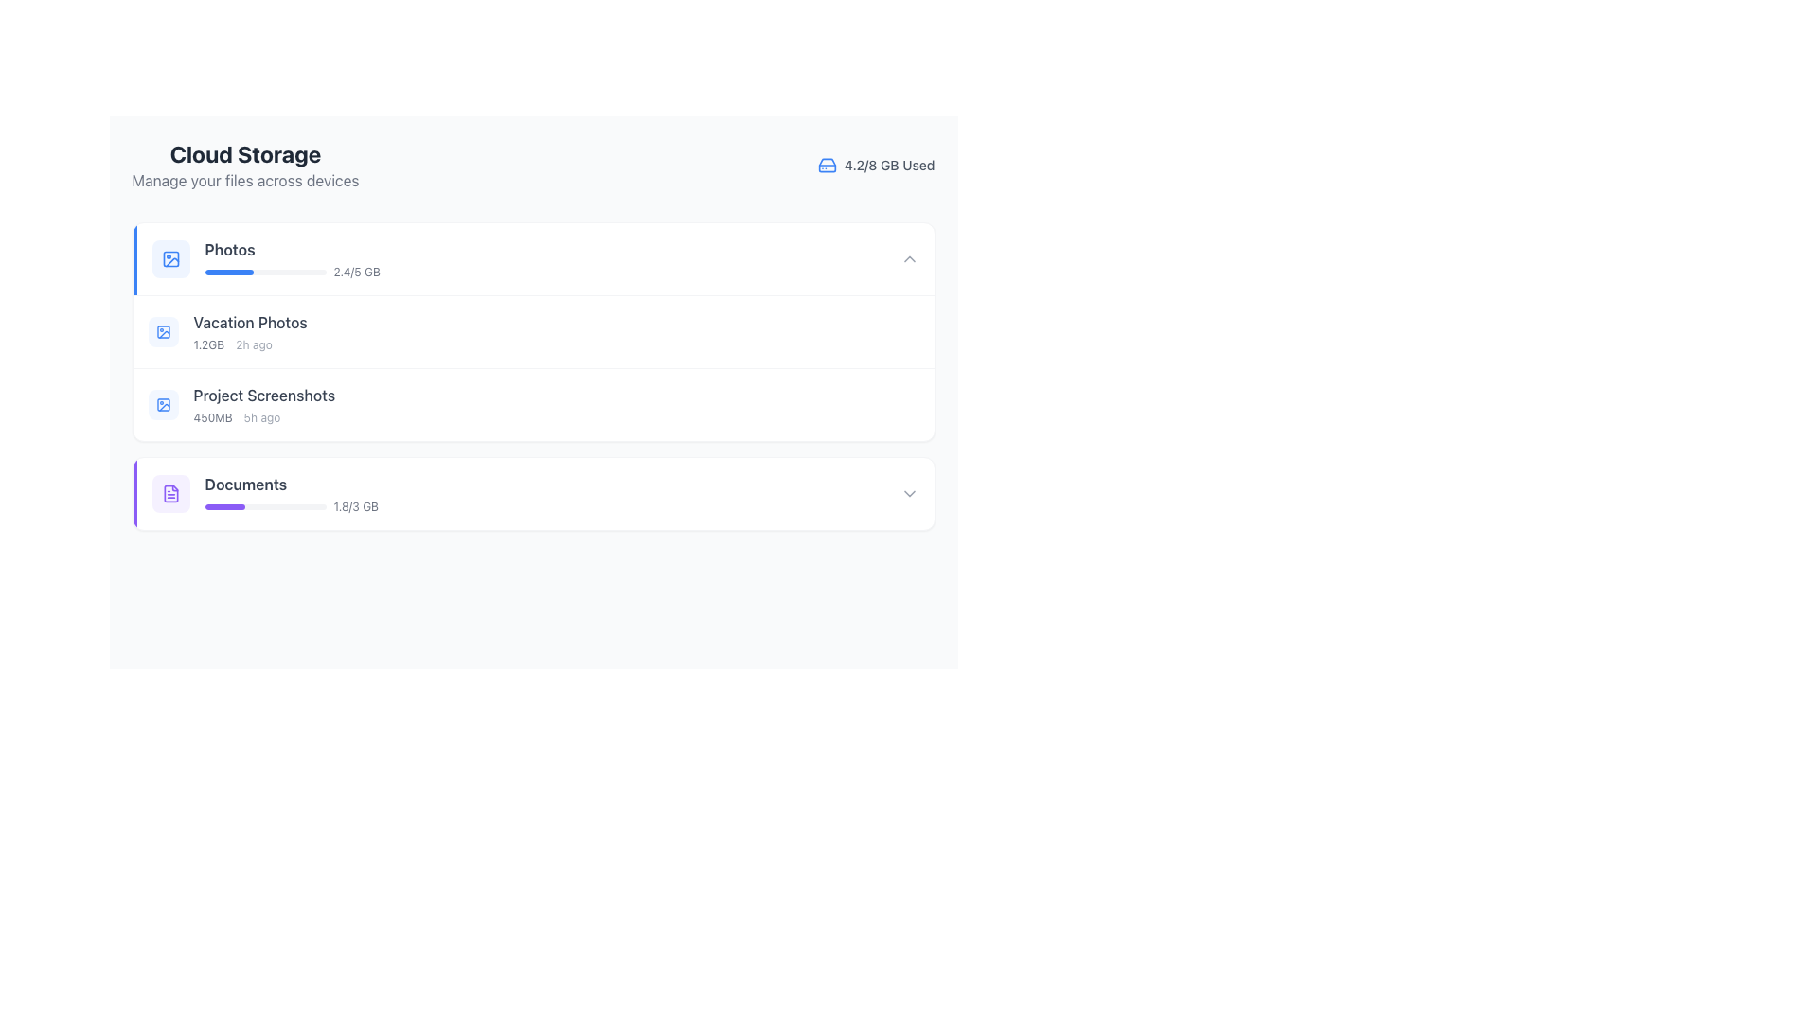 The width and height of the screenshot is (1818, 1022). Describe the element at coordinates (904, 565) in the screenshot. I see `the icon button - ellipsis vertical located at the bottom-right corner of the 'Documents' section to navigate options` at that location.